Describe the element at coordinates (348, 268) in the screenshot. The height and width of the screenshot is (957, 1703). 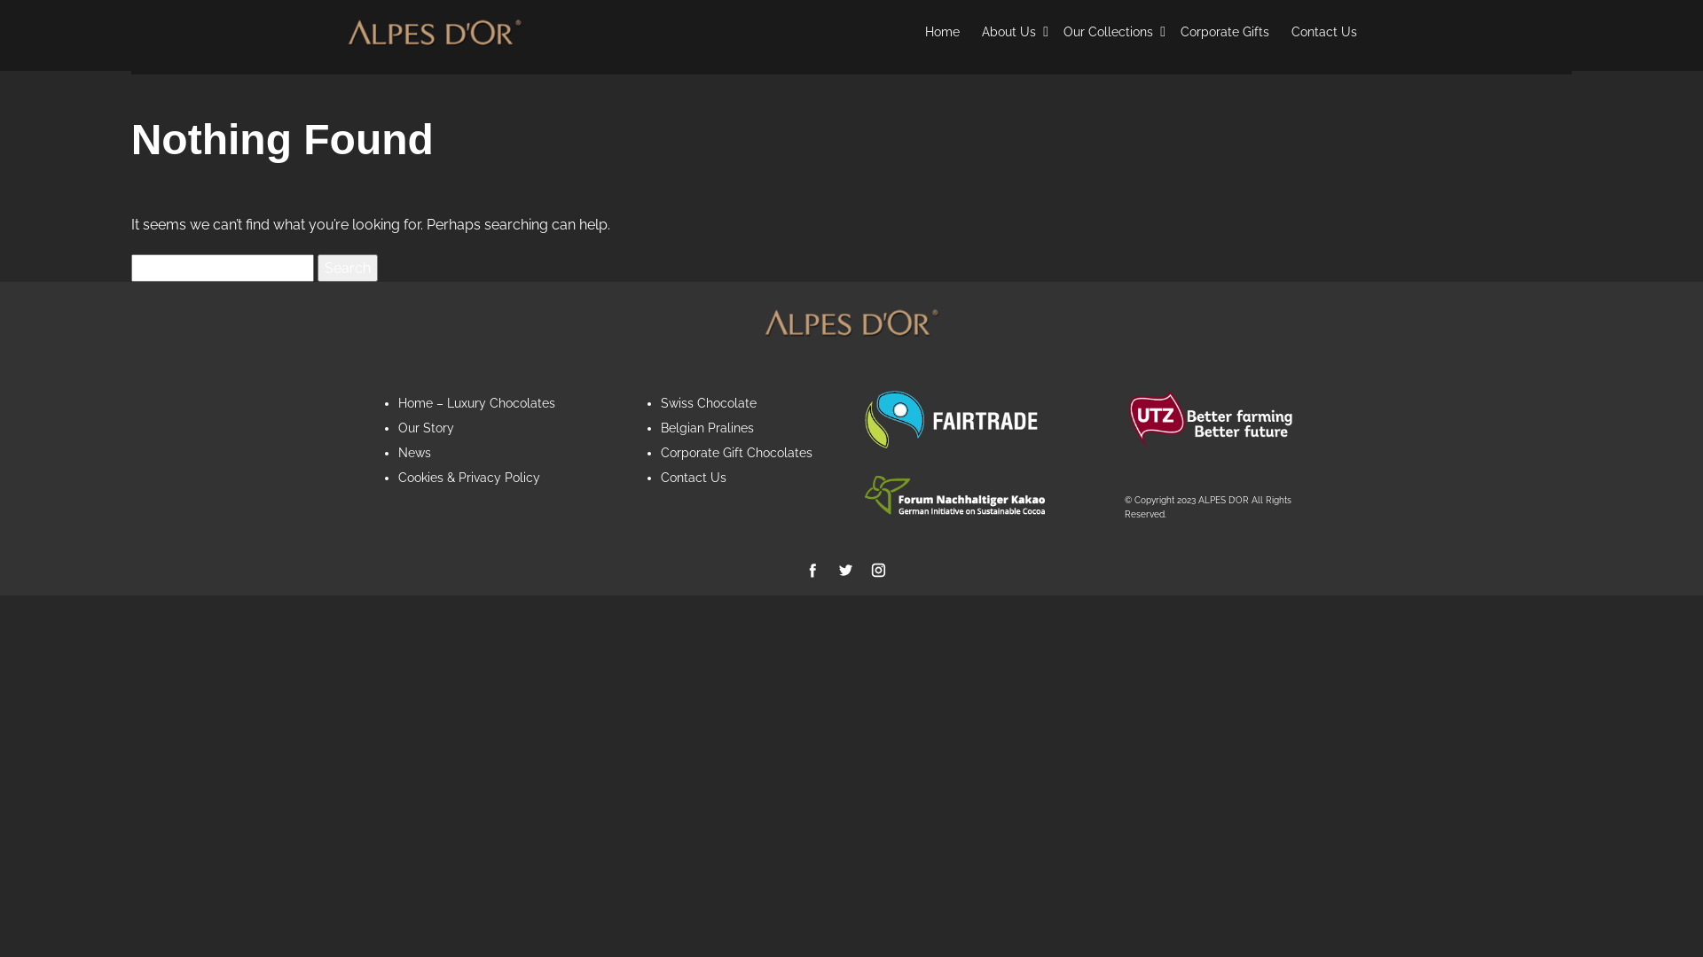
I see `'Search'` at that location.